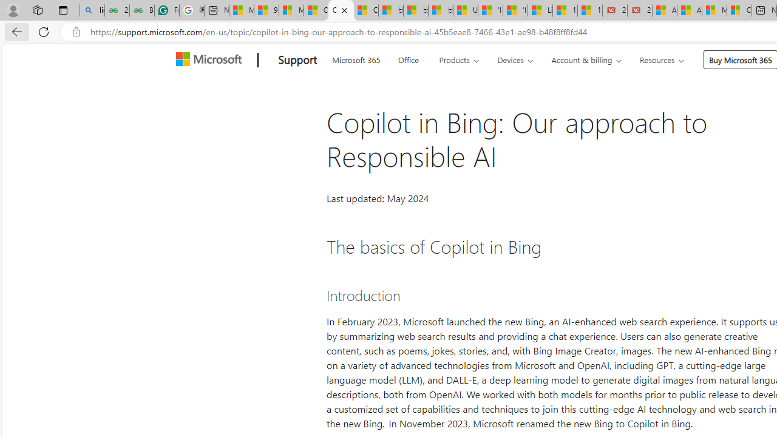 The height and width of the screenshot is (437, 777). Describe the element at coordinates (297, 60) in the screenshot. I see `'Support'` at that location.